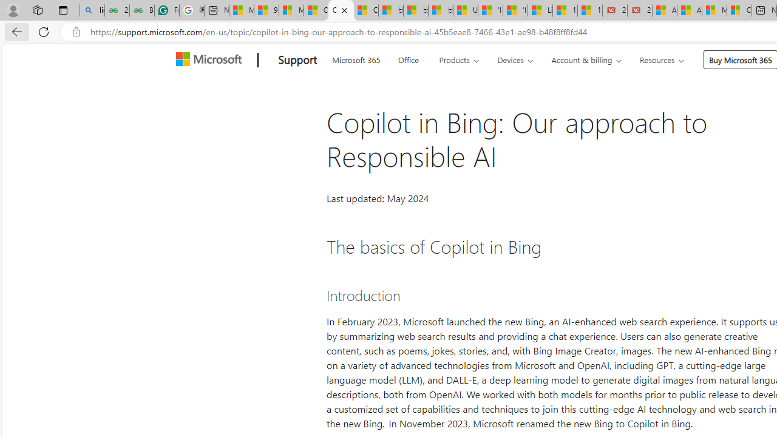 The height and width of the screenshot is (437, 777). Describe the element at coordinates (297, 60) in the screenshot. I see `'Support'` at that location.